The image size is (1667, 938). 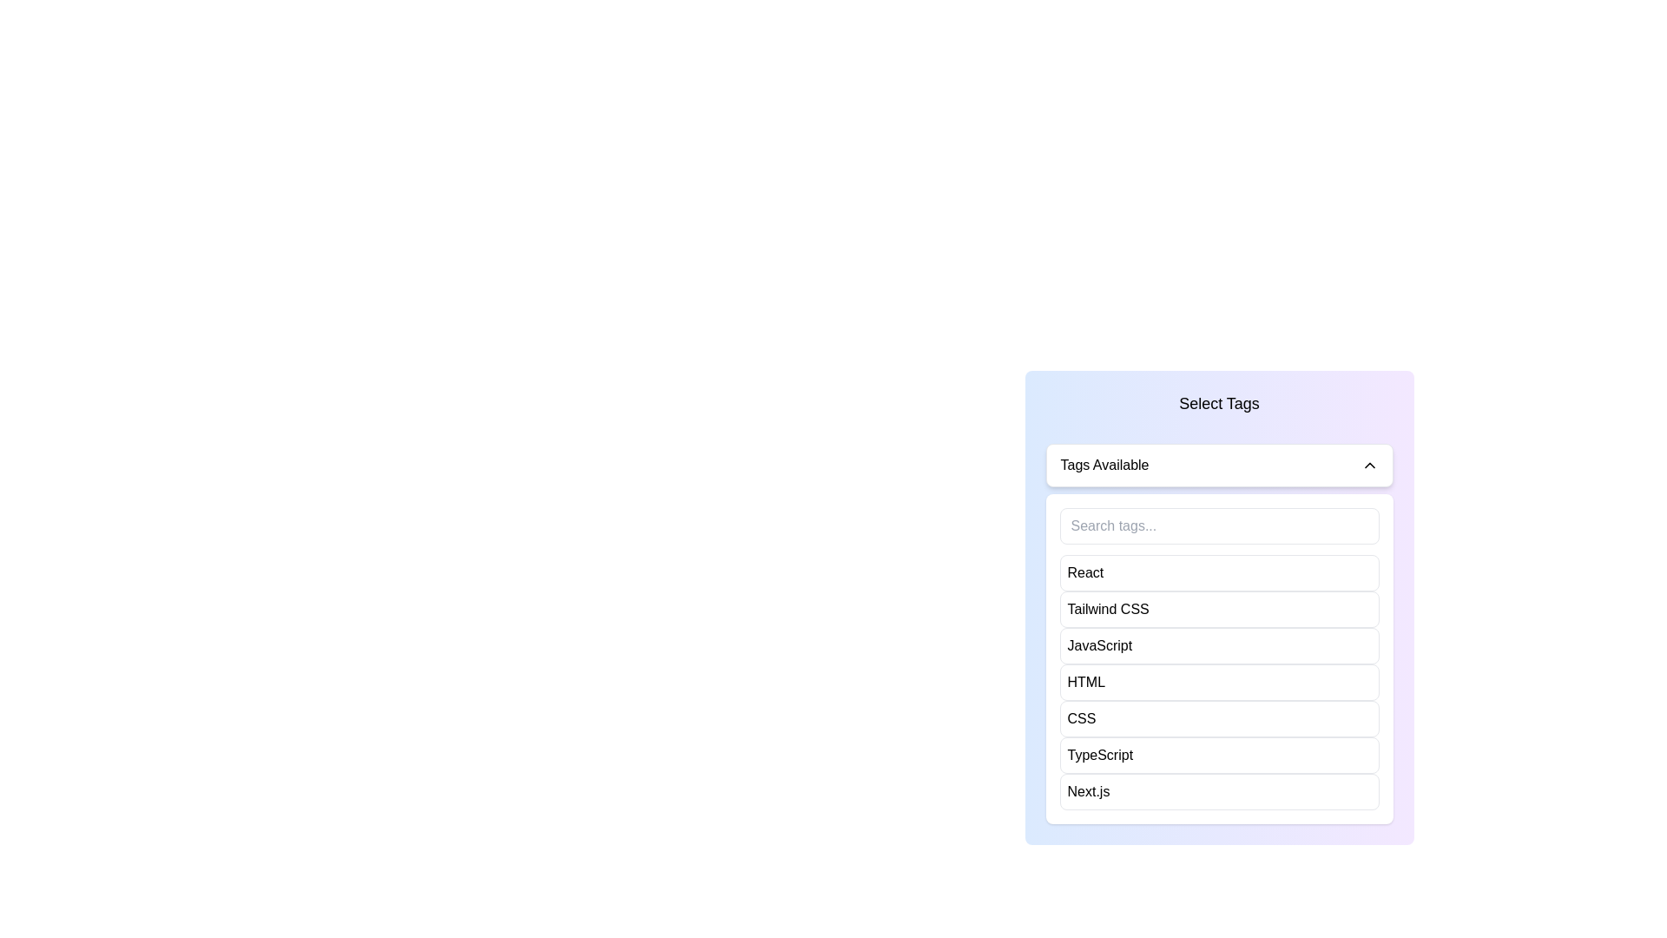 What do you see at coordinates (1218, 791) in the screenshot?
I see `the selectable list item labeled 'Next.js' located at the bottom of the dropdown menu 'Select Tags'` at bounding box center [1218, 791].